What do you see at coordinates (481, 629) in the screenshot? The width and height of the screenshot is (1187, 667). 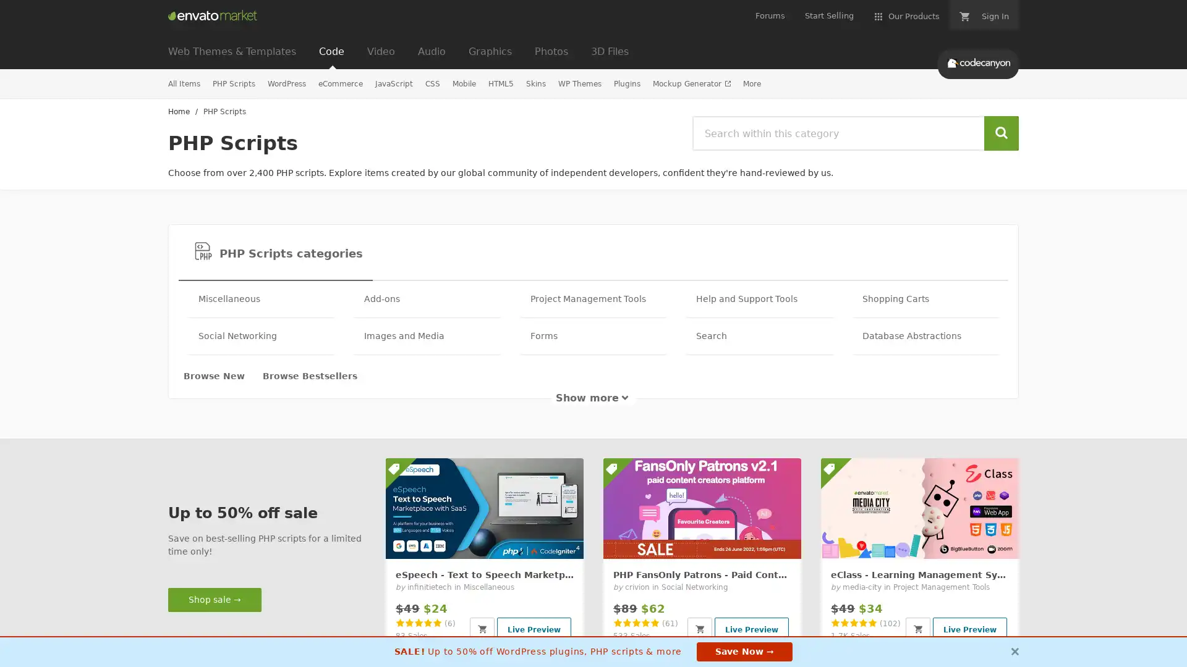 I see `Add to cart` at bounding box center [481, 629].